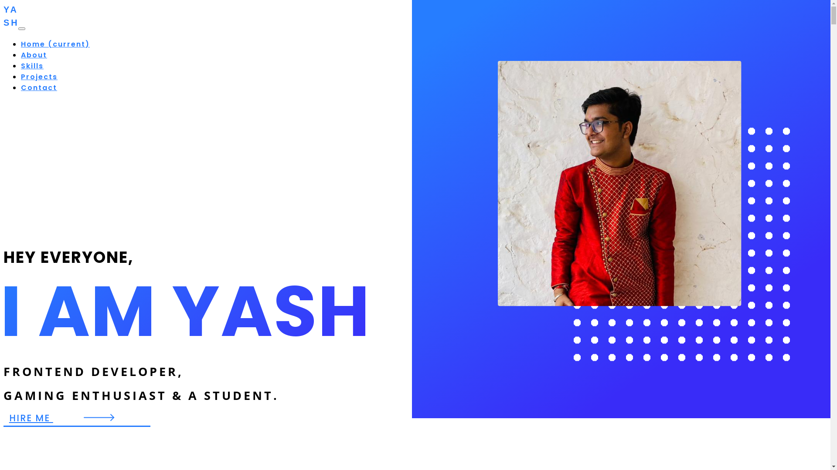 This screenshot has height=470, width=837. I want to click on 'About', so click(34, 55).